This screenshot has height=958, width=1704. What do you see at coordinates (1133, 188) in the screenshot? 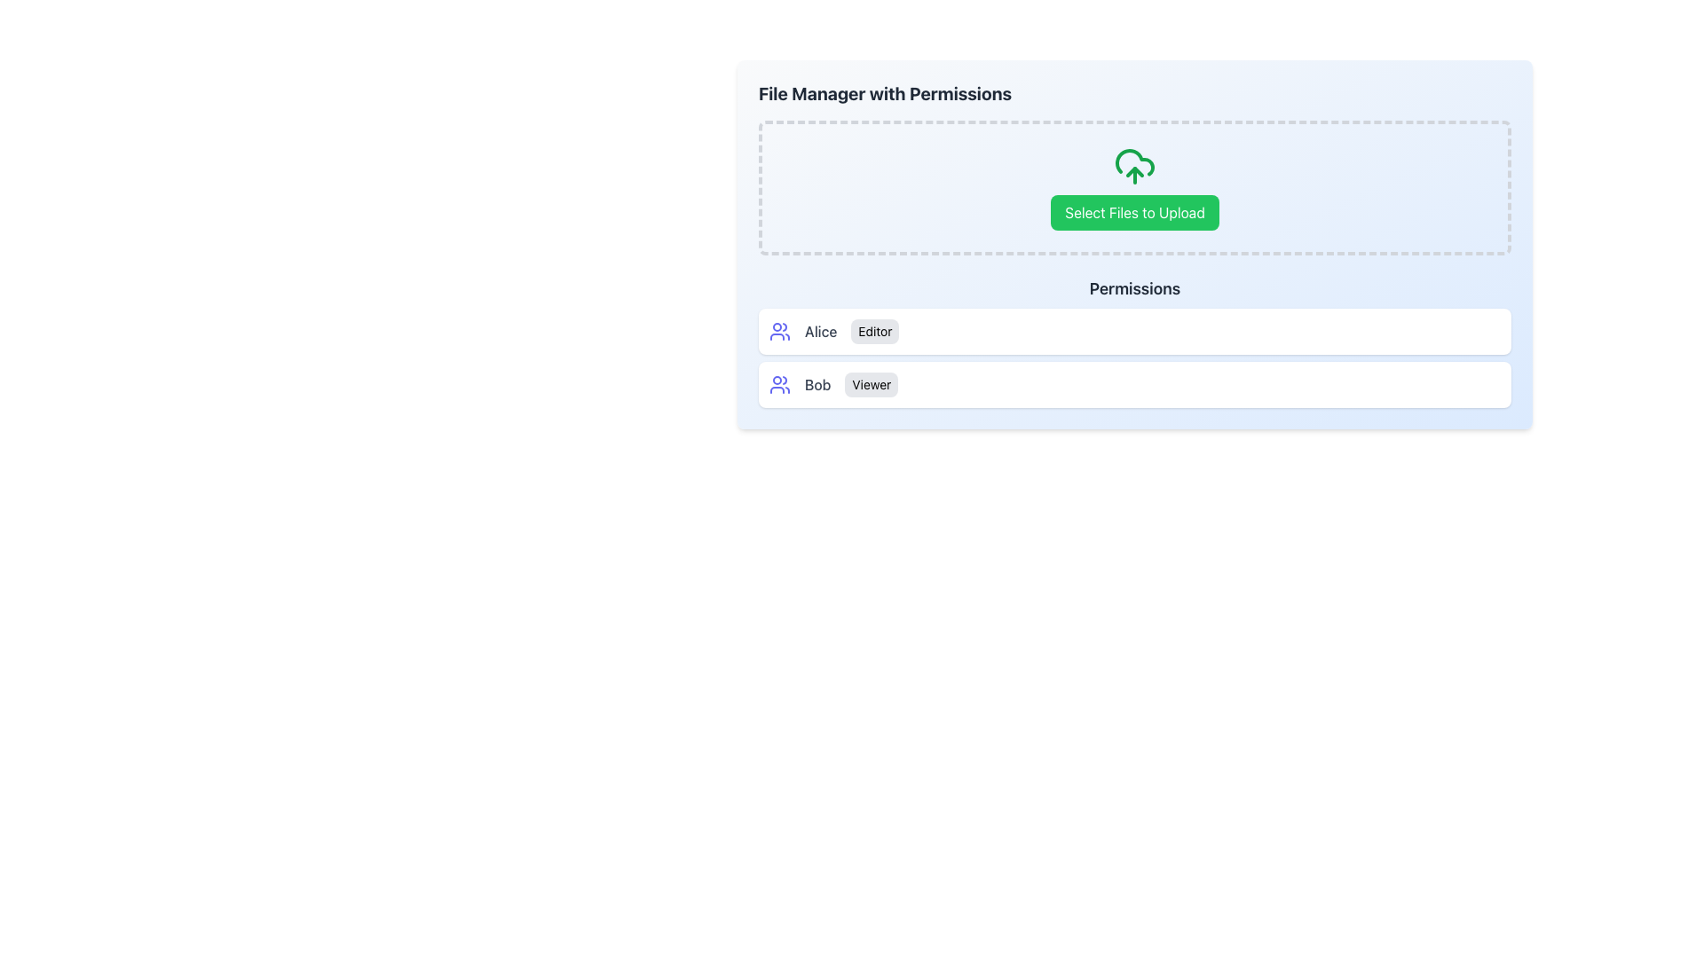
I see `keyboard navigation` at bounding box center [1133, 188].